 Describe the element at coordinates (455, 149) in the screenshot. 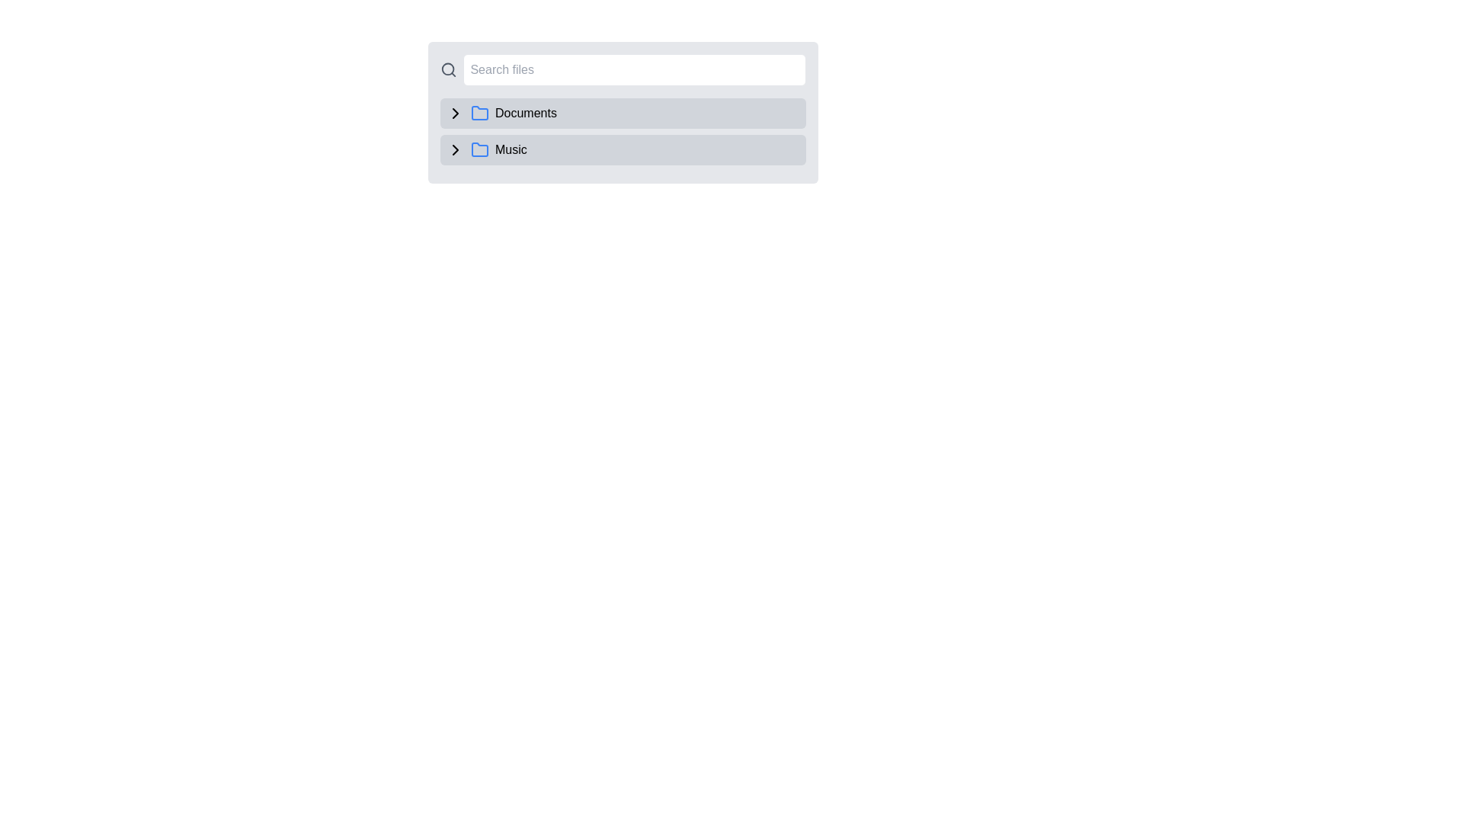

I see `the icon located to the left of the 'Music' label` at that location.